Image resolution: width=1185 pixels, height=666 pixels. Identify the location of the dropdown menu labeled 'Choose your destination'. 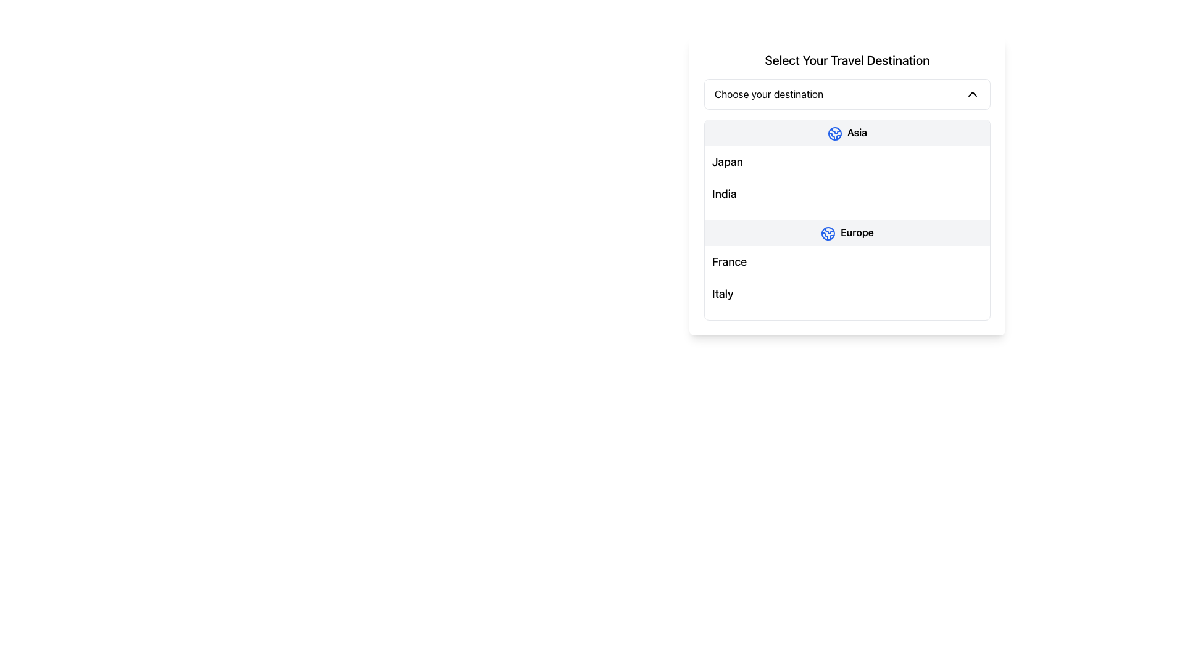
(846, 94).